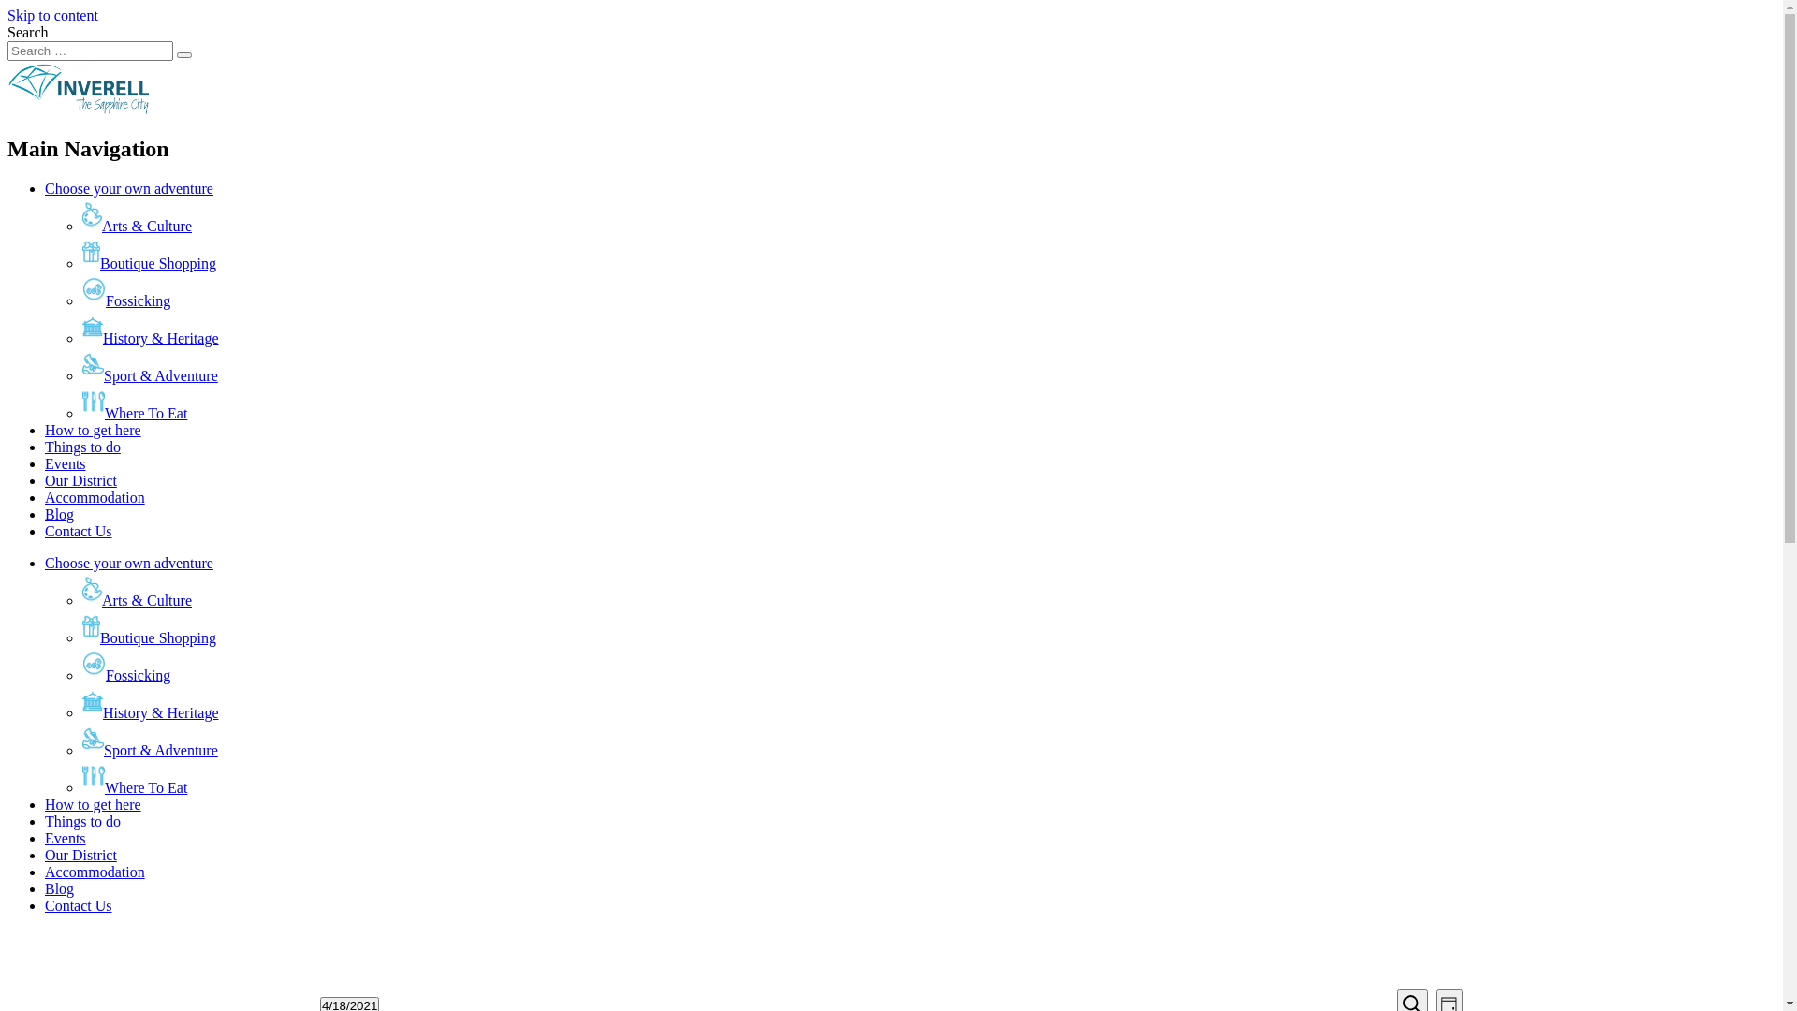  Describe the element at coordinates (81, 447) in the screenshot. I see `'Things to do'` at that location.